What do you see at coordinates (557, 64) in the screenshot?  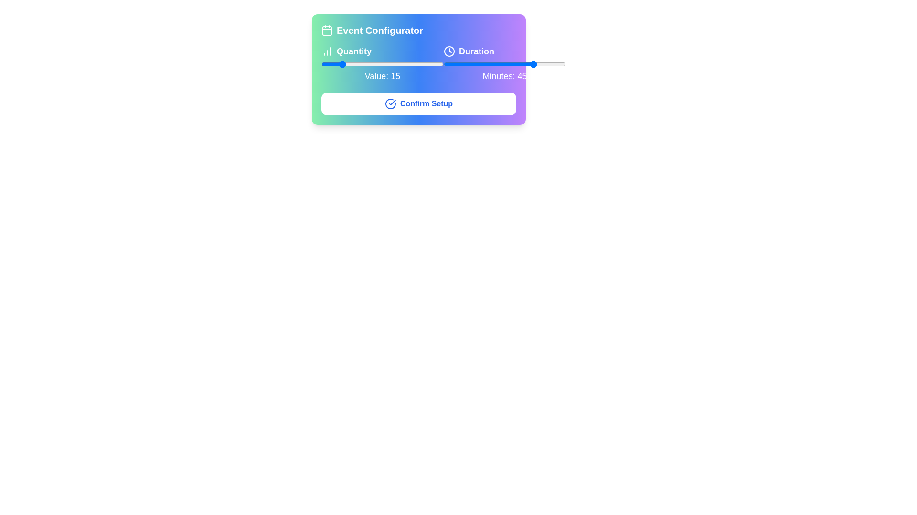 I see `duration` at bounding box center [557, 64].